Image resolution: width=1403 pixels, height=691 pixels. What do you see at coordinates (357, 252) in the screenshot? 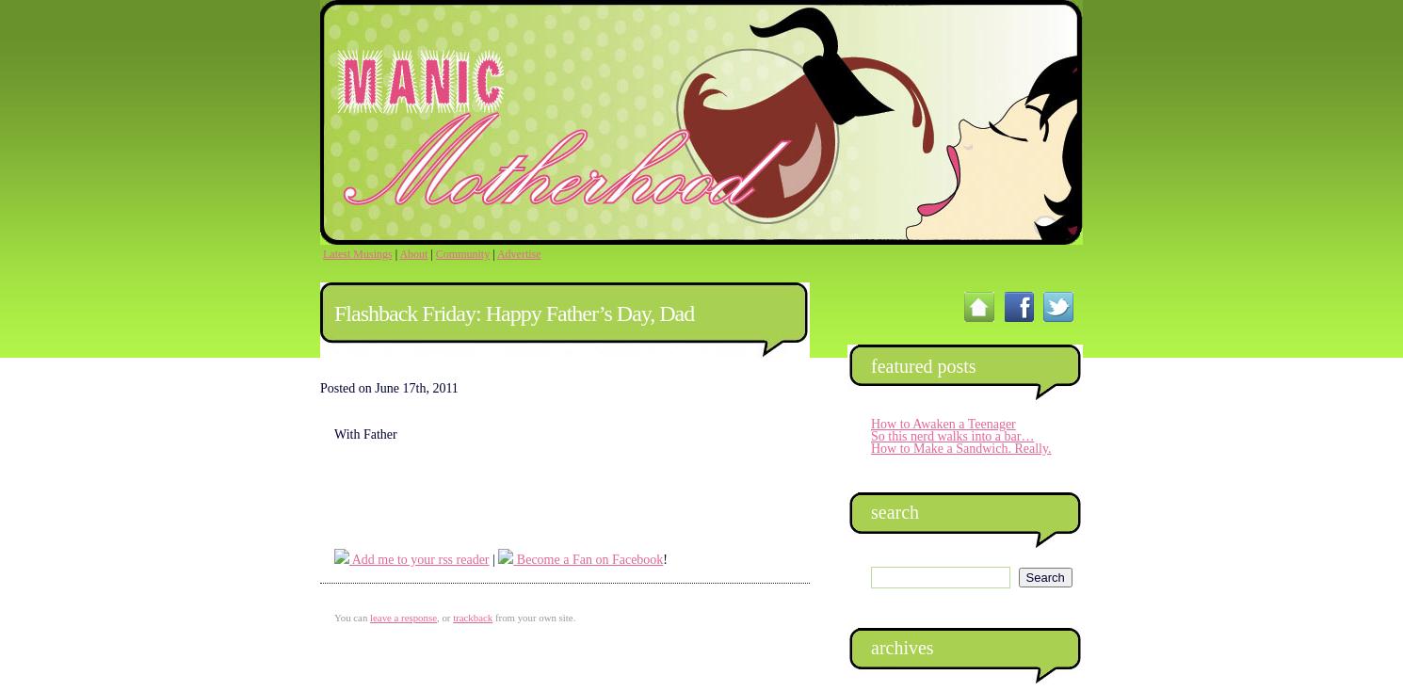
I see `'Latest Musings'` at bounding box center [357, 252].